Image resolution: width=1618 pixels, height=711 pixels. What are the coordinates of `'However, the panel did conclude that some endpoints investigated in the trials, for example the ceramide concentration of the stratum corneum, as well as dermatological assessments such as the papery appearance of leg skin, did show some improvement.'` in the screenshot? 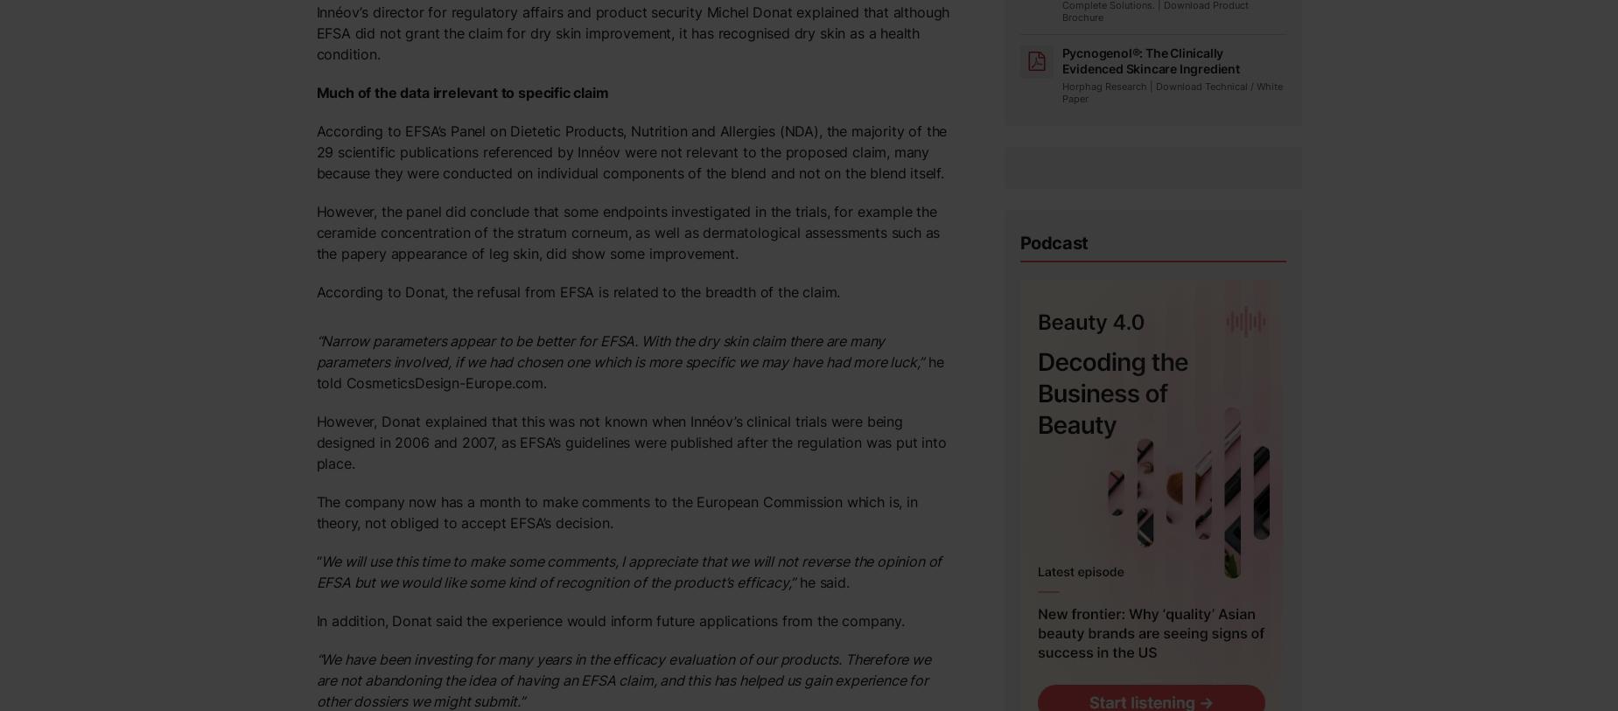 It's located at (627, 232).